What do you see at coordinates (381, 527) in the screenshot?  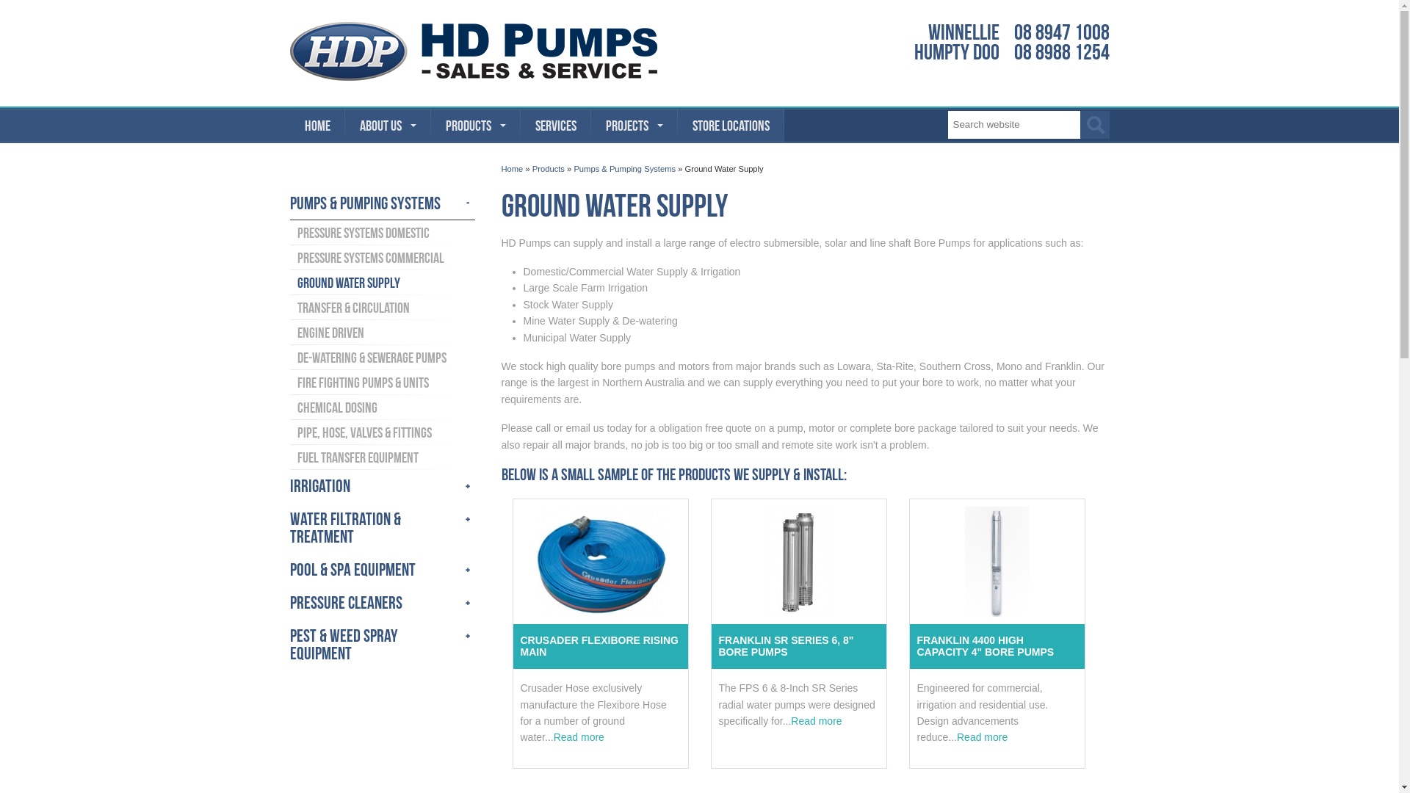 I see `'WATER FILTRATION & TREATMENT'` at bounding box center [381, 527].